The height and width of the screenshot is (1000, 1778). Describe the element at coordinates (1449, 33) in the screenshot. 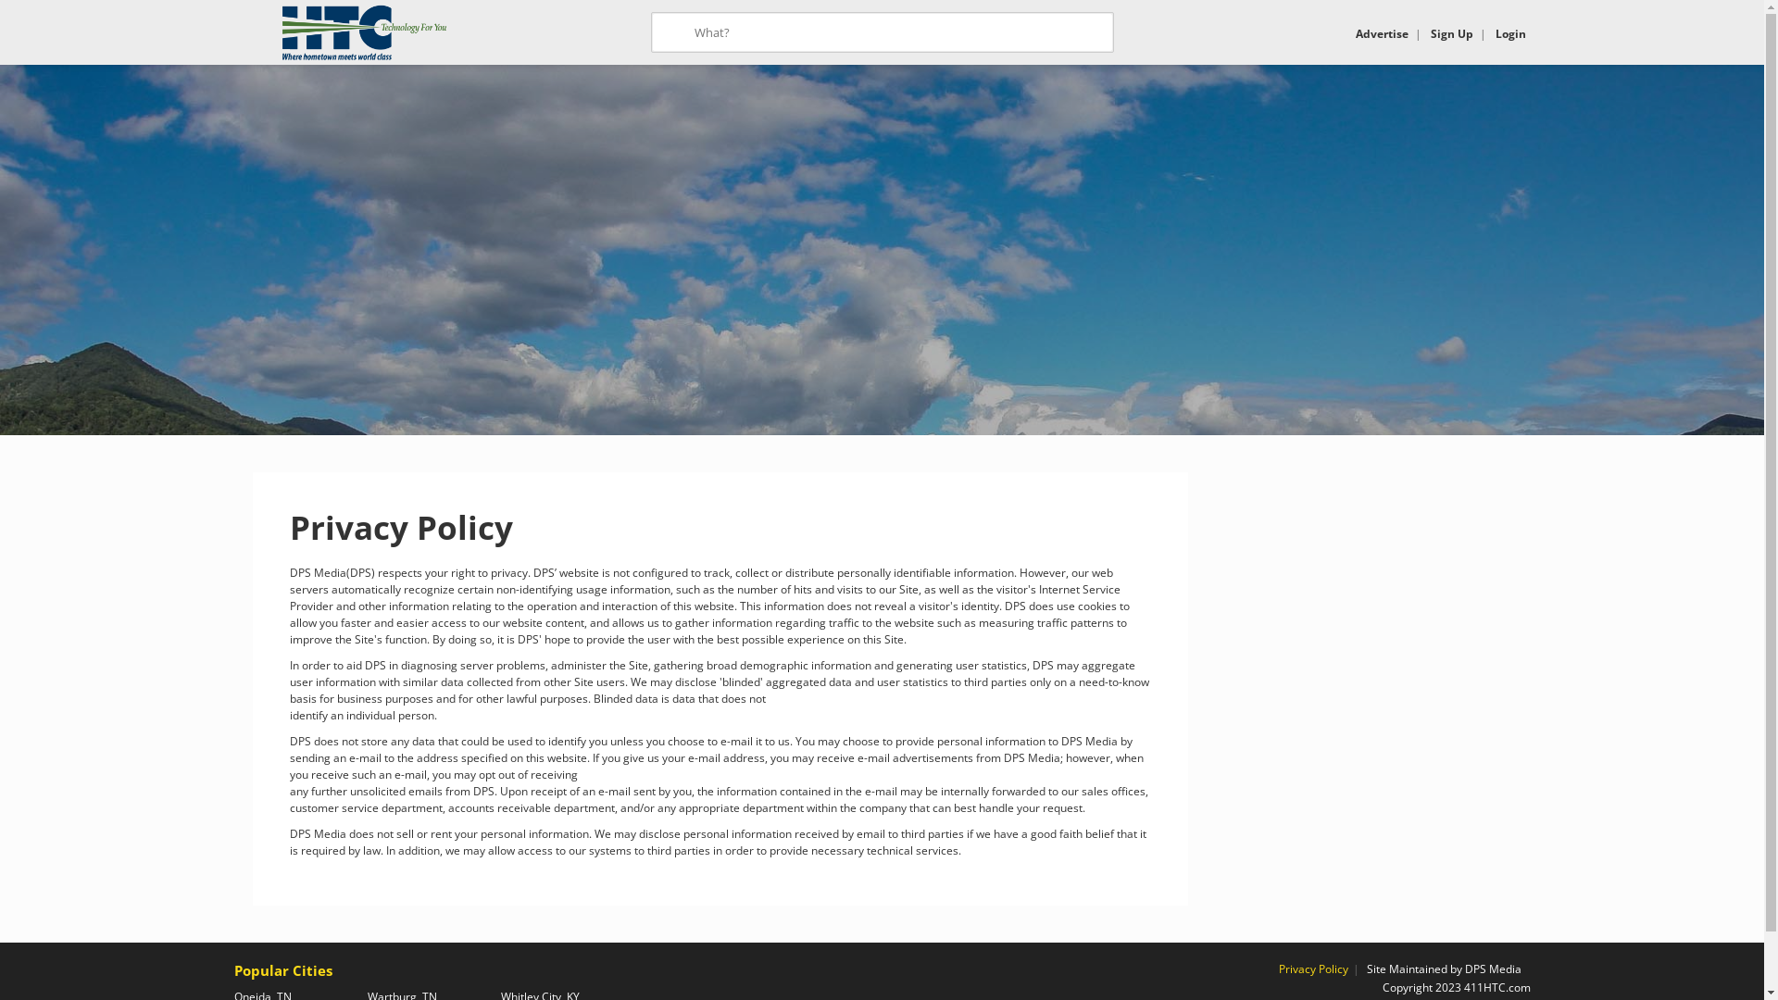

I see `'Sign Up'` at that location.